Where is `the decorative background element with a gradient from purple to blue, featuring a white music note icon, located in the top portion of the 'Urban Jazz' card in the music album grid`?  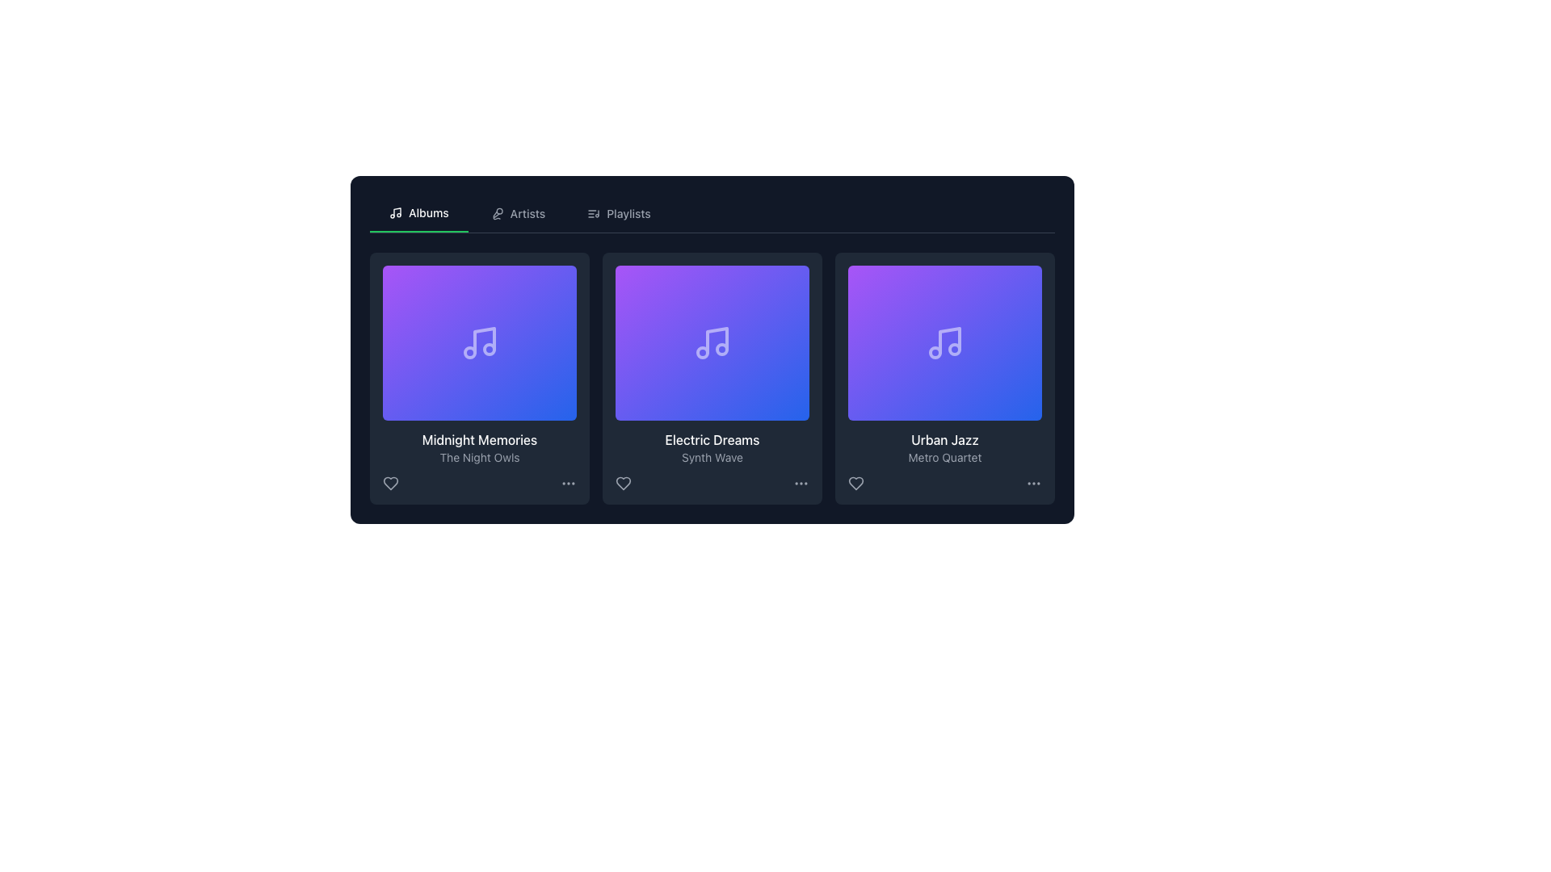
the decorative background element with a gradient from purple to blue, featuring a white music note icon, located in the top portion of the 'Urban Jazz' card in the music album grid is located at coordinates (945, 342).